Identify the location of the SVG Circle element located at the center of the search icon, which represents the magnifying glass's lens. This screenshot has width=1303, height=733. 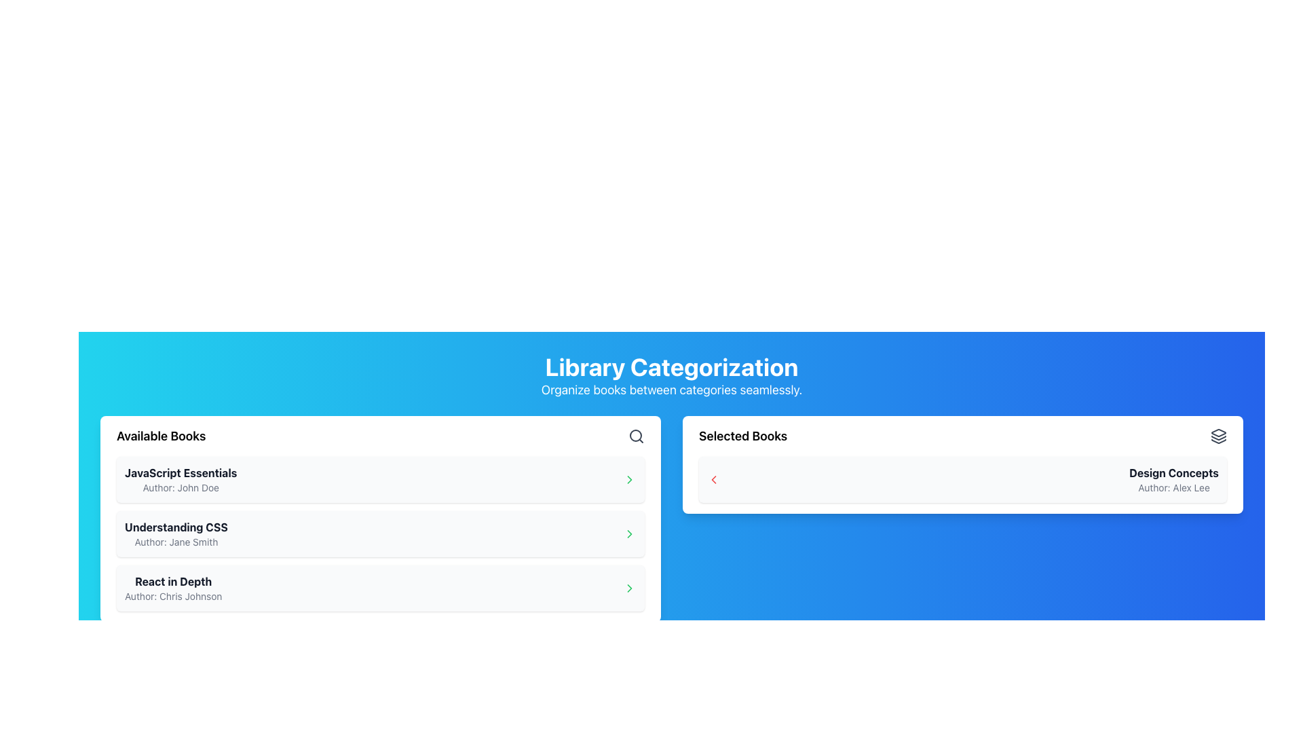
(635, 435).